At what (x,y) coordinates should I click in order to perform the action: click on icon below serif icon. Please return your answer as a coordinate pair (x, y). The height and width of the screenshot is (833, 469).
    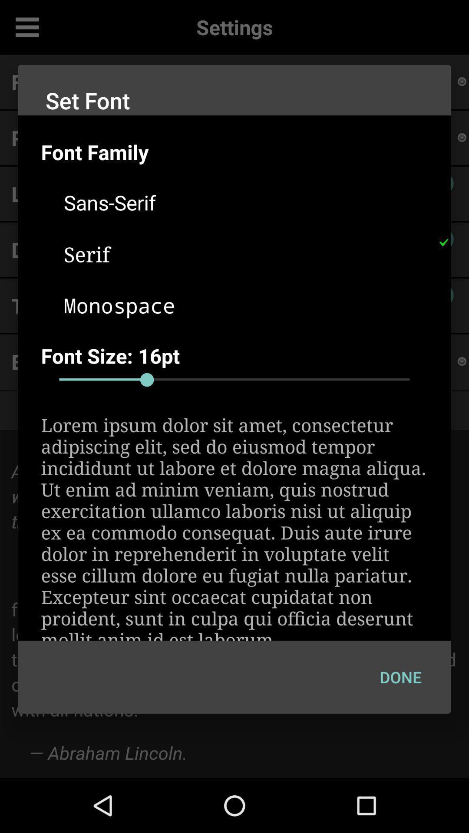
    Looking at the image, I should click on (246, 305).